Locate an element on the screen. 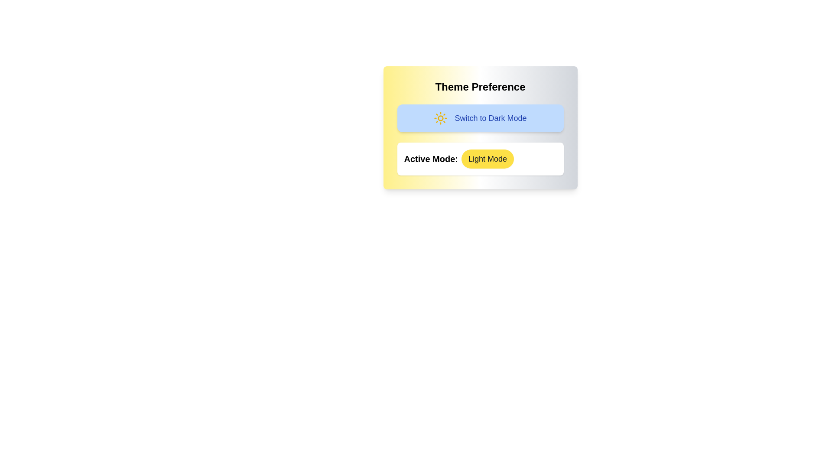 The height and width of the screenshot is (468, 832). text of the label displaying 'Active Mode:' which is bold and larger in font, located in the interface section for theme preference is located at coordinates (431, 159).